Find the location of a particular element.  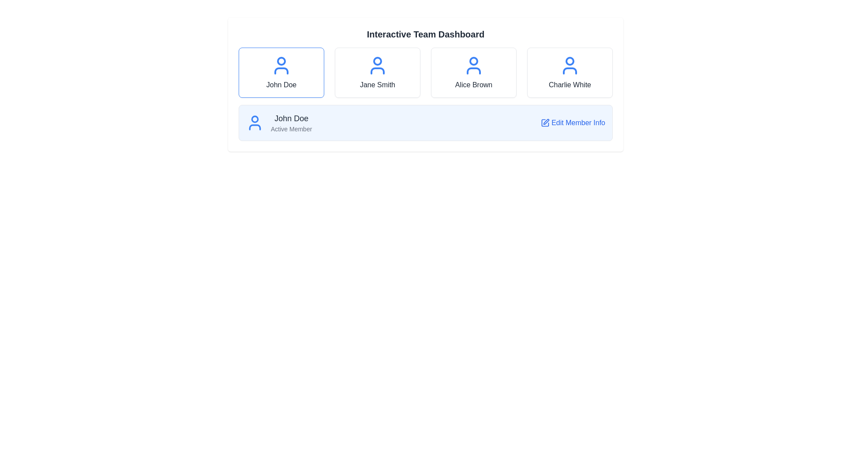

the text label reading 'Active Member' is located at coordinates (291, 129).